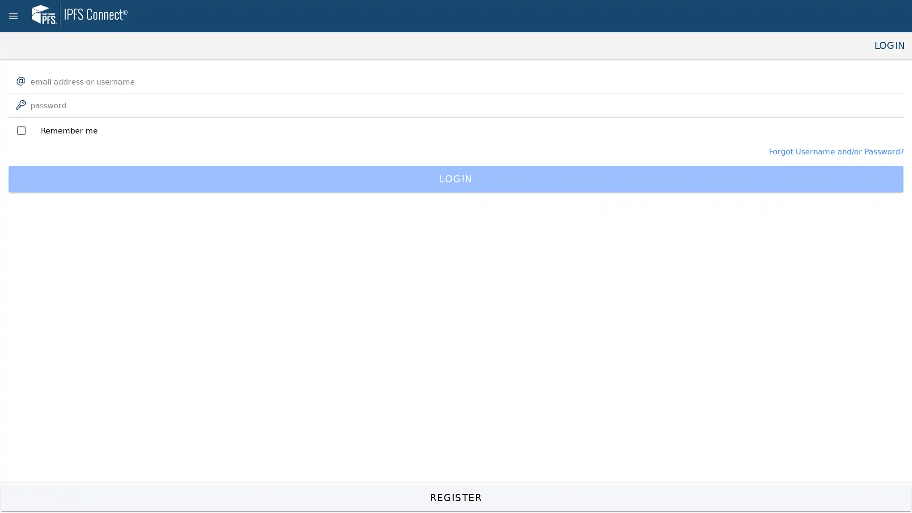 This screenshot has height=513, width=912. I want to click on LOGIN, so click(456, 179).